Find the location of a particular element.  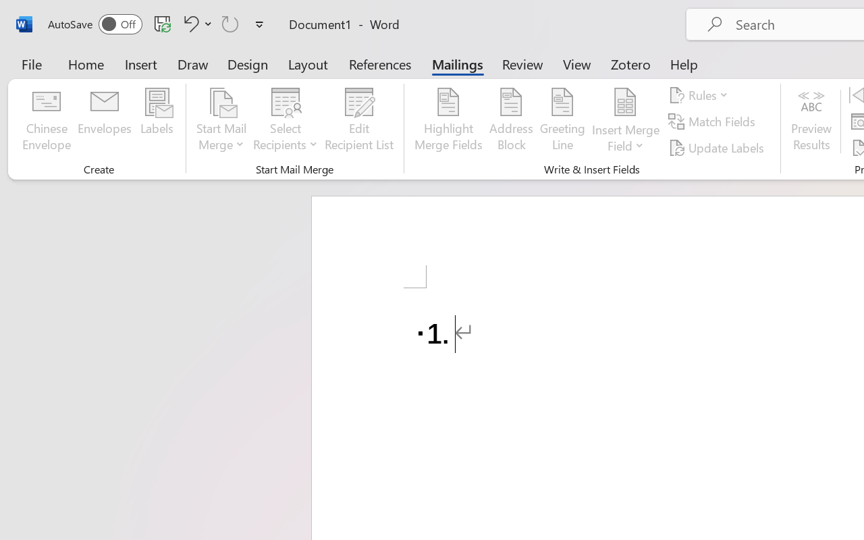

'Insert Merge Field' is located at coordinates (625, 102).